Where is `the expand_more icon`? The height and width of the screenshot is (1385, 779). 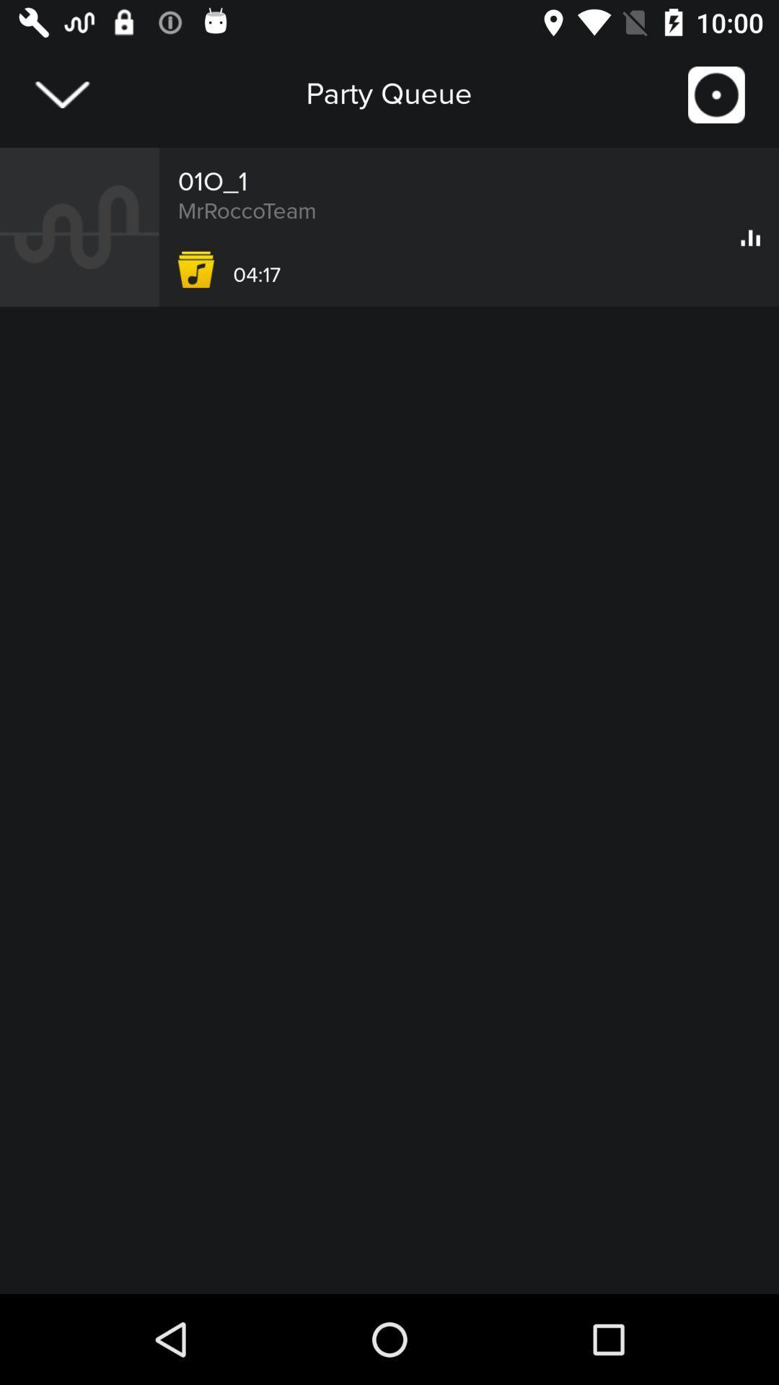
the expand_more icon is located at coordinates (61, 94).